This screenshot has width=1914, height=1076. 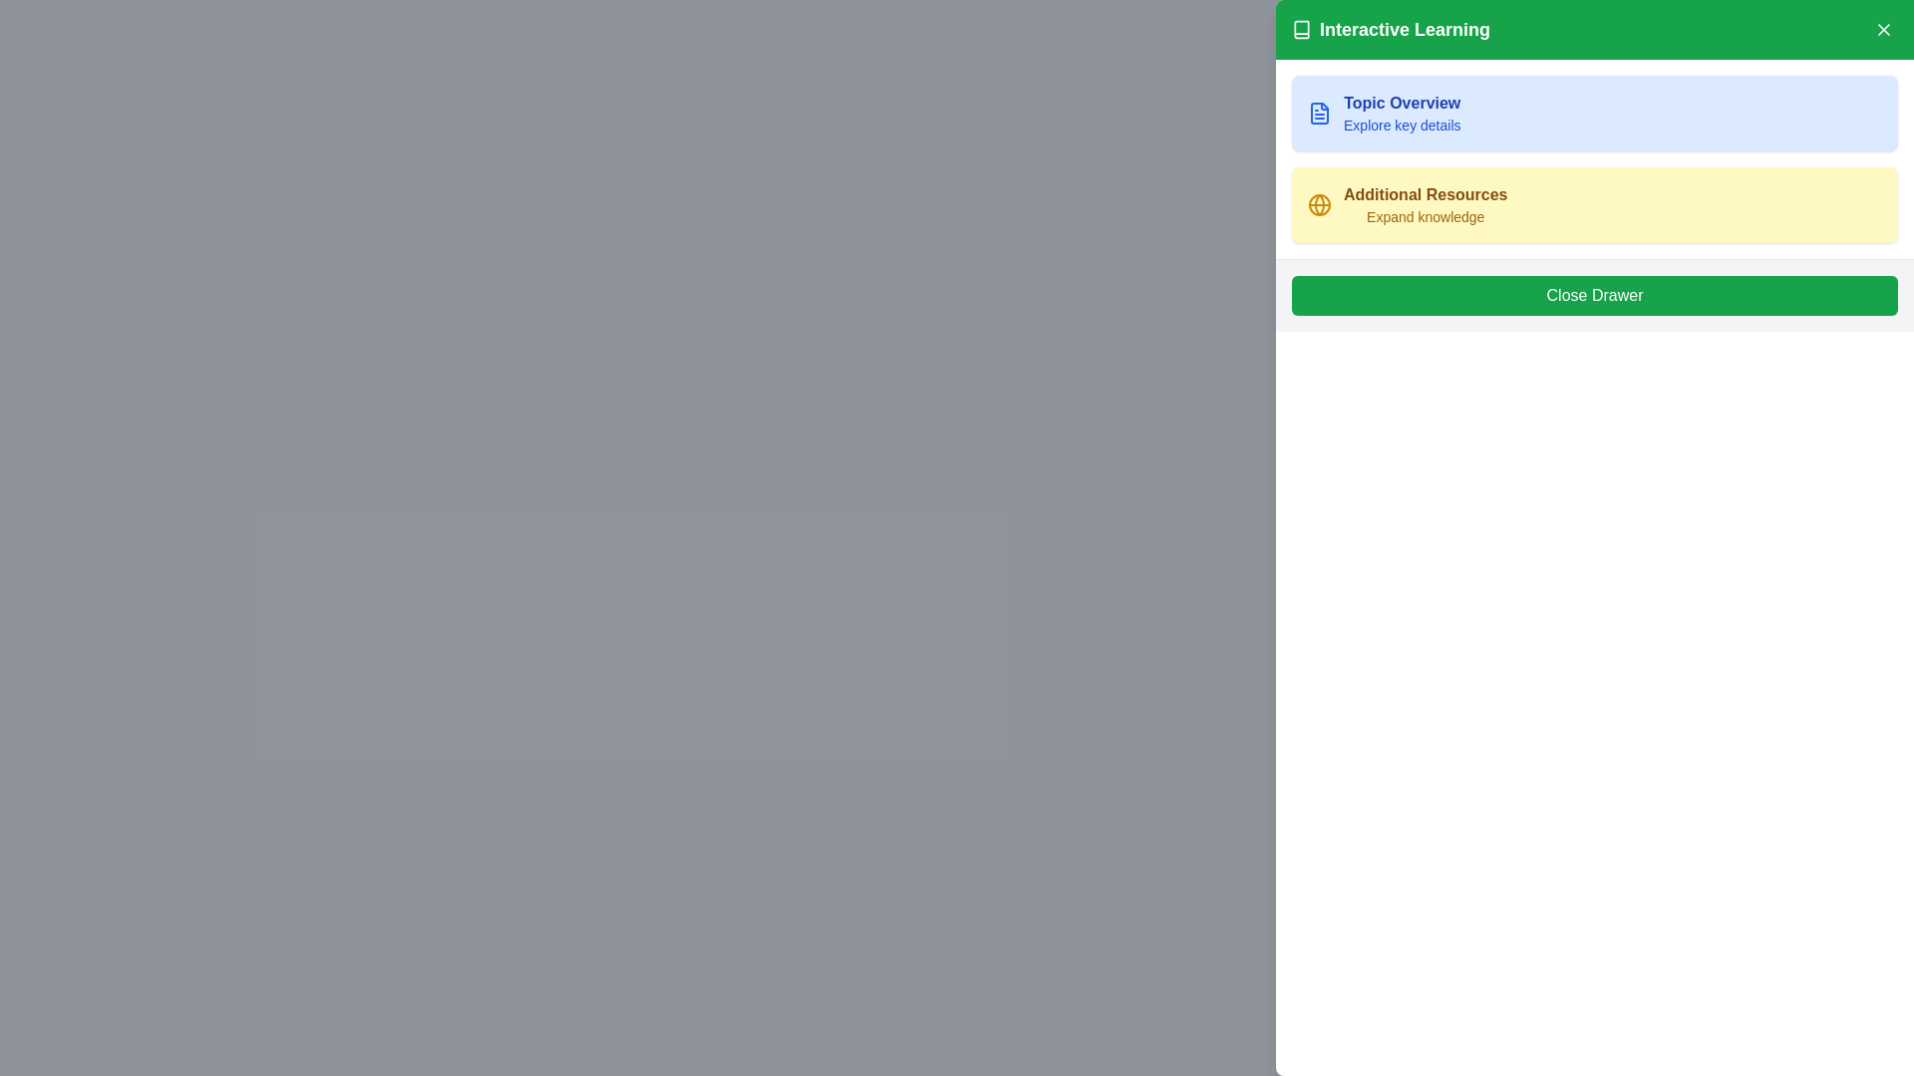 I want to click on the icon representing the 'Topic Overview' content located at the top-left within the card labeled 'Topic Overview' in the right-side drawer, so click(x=1320, y=114).